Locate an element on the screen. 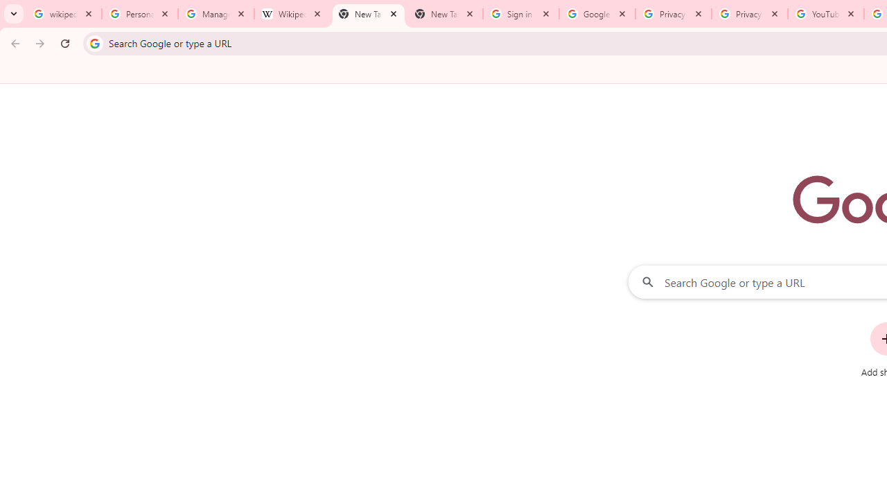 This screenshot has height=499, width=887. 'Personalization & Google Search results - Google Search Help' is located at coordinates (140, 14).